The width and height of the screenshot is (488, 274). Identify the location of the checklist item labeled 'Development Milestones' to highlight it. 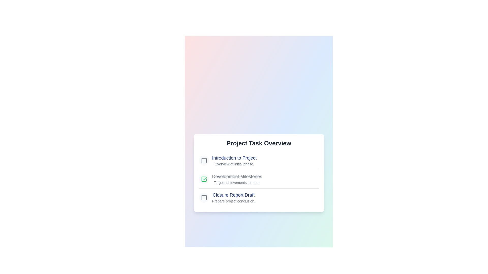
(237, 176).